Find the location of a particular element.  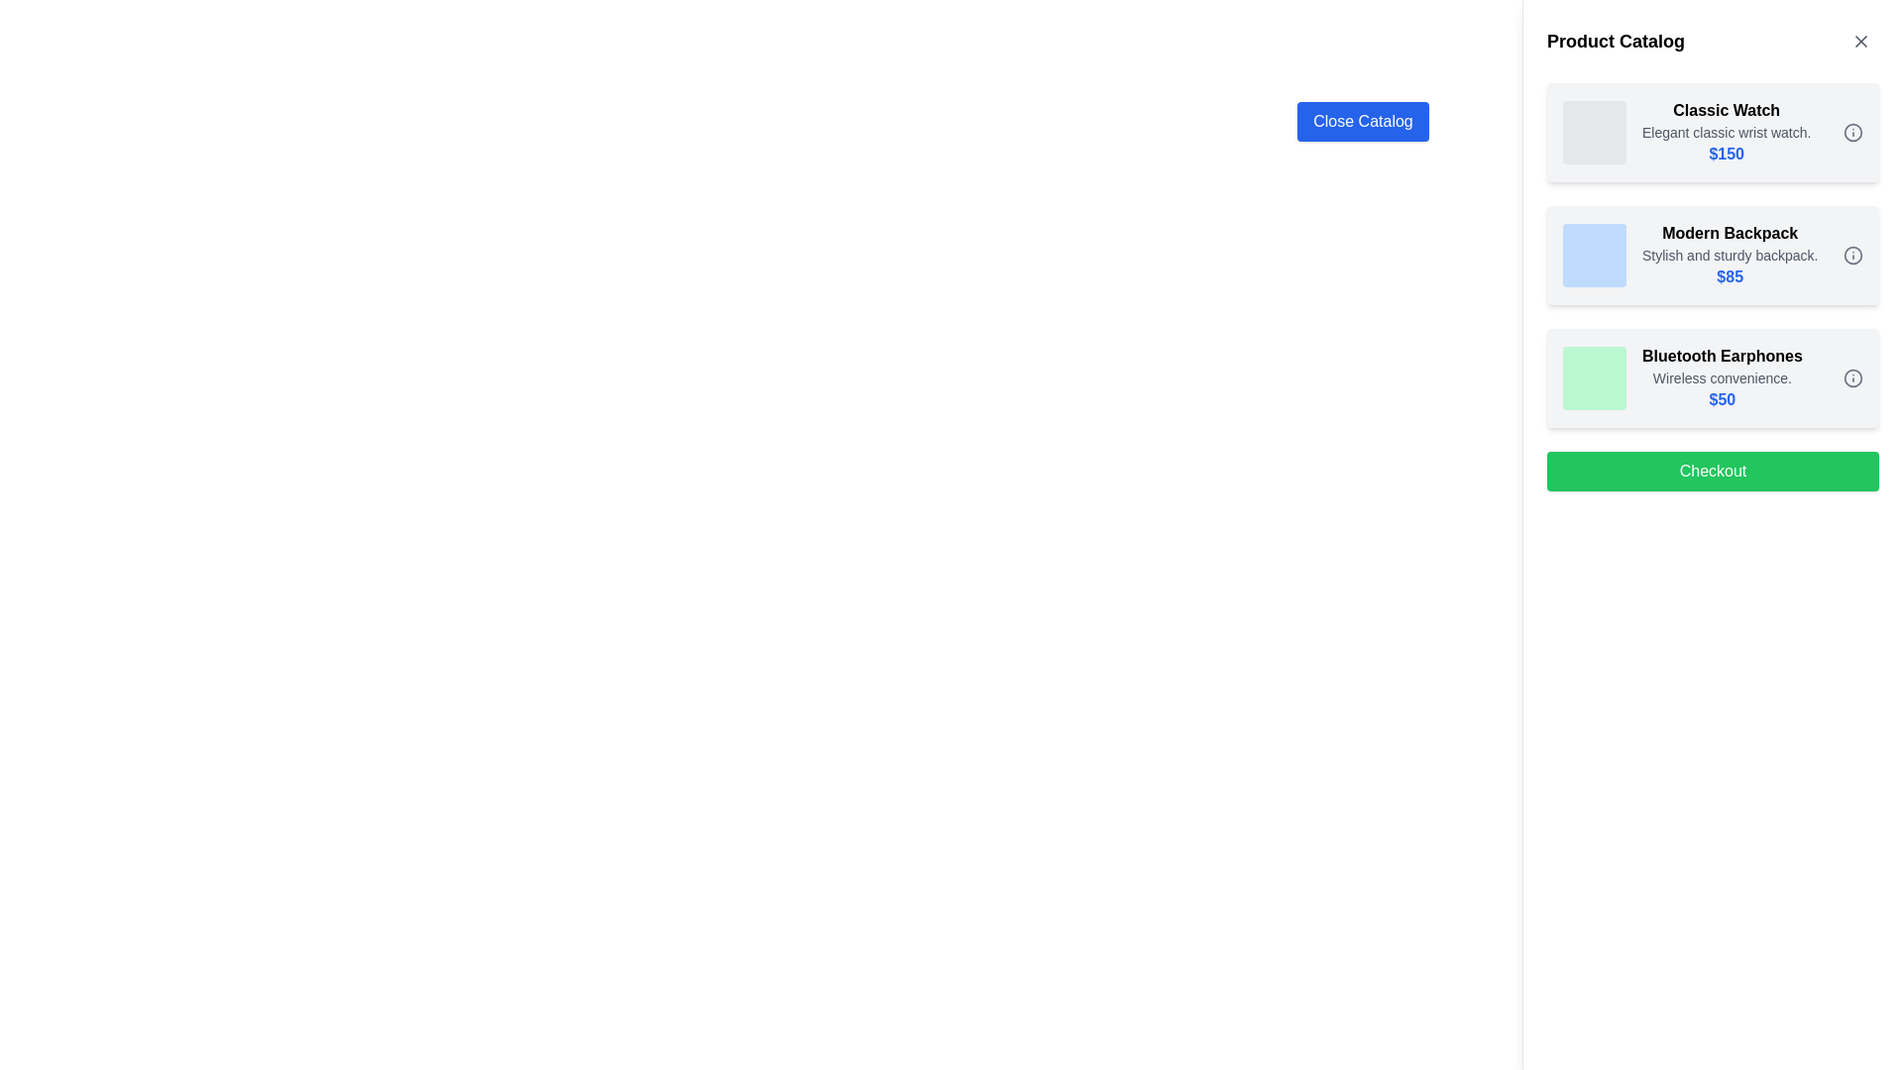

text displayed in bold blue font showing the price '$150' located beneath the product description 'Elegant classic wrist watch.' and below the product title 'Classic Watch' is located at coordinates (1726, 153).